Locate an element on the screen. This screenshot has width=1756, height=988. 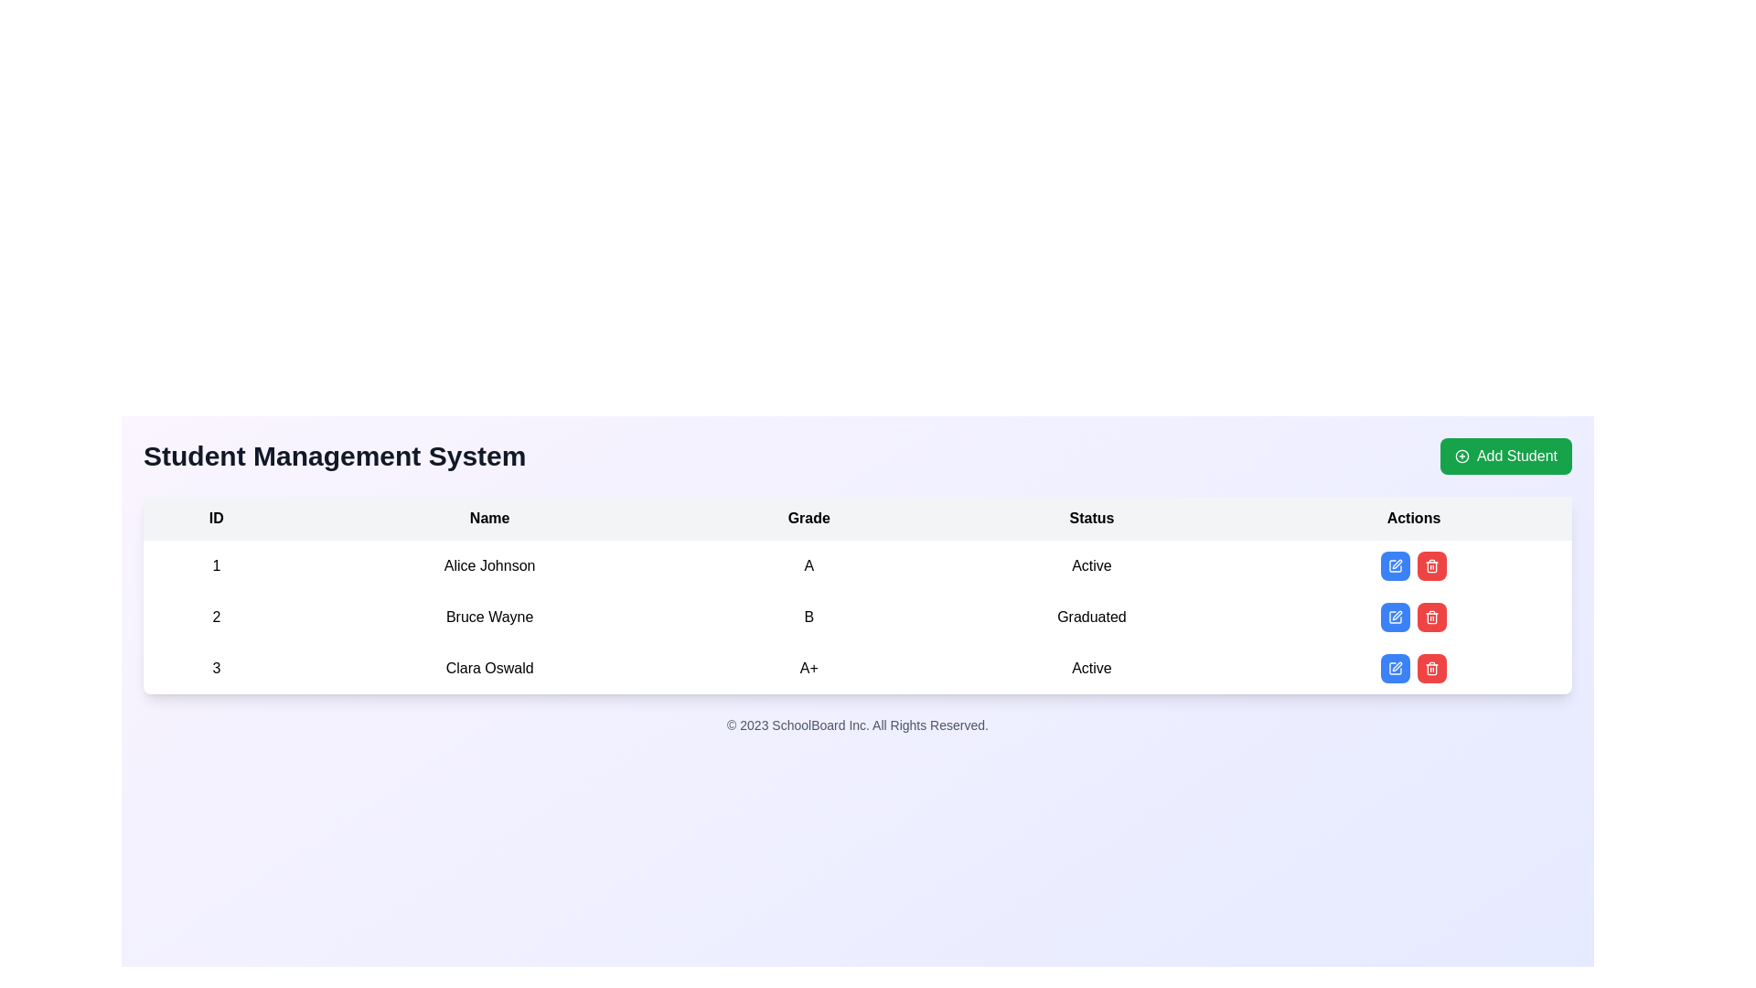
the text label displaying the letter 'A' in the third column under the header 'Grade' for Alice Johnson is located at coordinates (808, 564).